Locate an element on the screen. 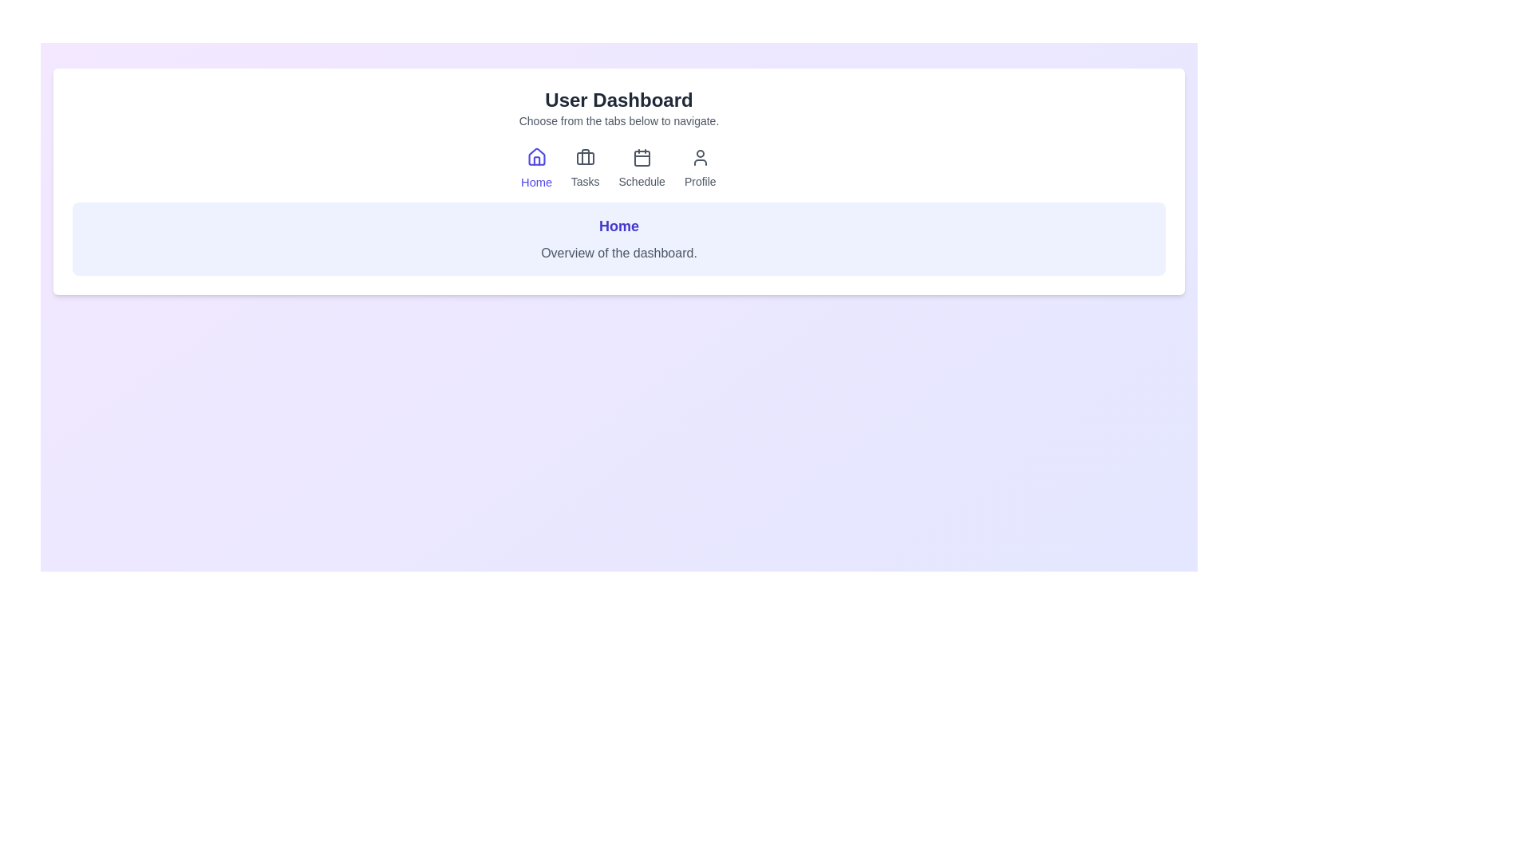 The width and height of the screenshot is (1532, 861). the heading text label that indicates the current section or context of the interface, positioned above the descriptive text 'Overview of the dashboard.' is located at coordinates (618, 226).